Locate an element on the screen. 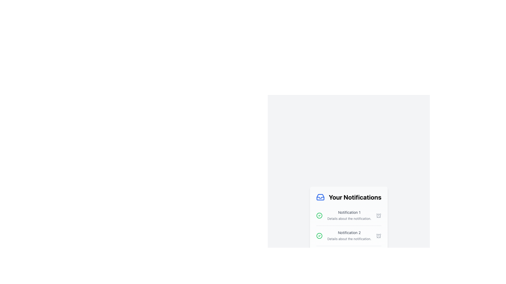 The height and width of the screenshot is (284, 506). the 'Your Notifications' label which features a blue mailbox icon and bold black text, located at the top of the notification list card is located at coordinates (349, 197).